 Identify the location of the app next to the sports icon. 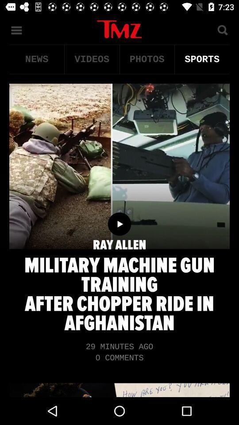
(147, 59).